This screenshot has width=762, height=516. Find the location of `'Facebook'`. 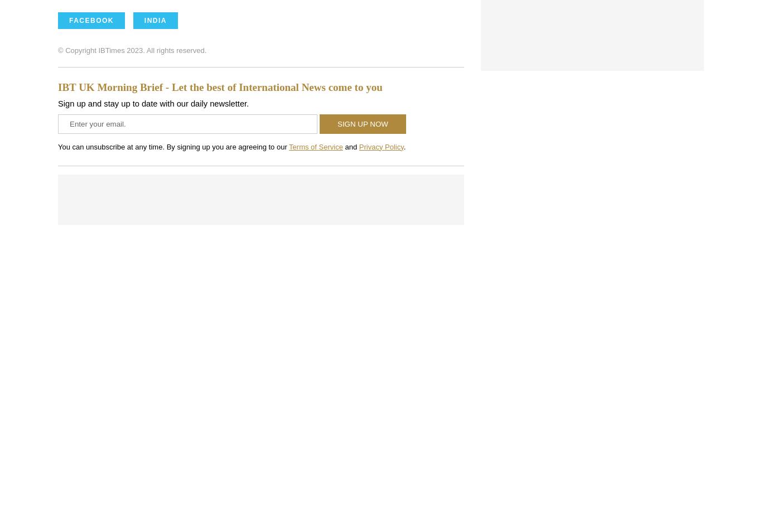

'Facebook' is located at coordinates (91, 19).